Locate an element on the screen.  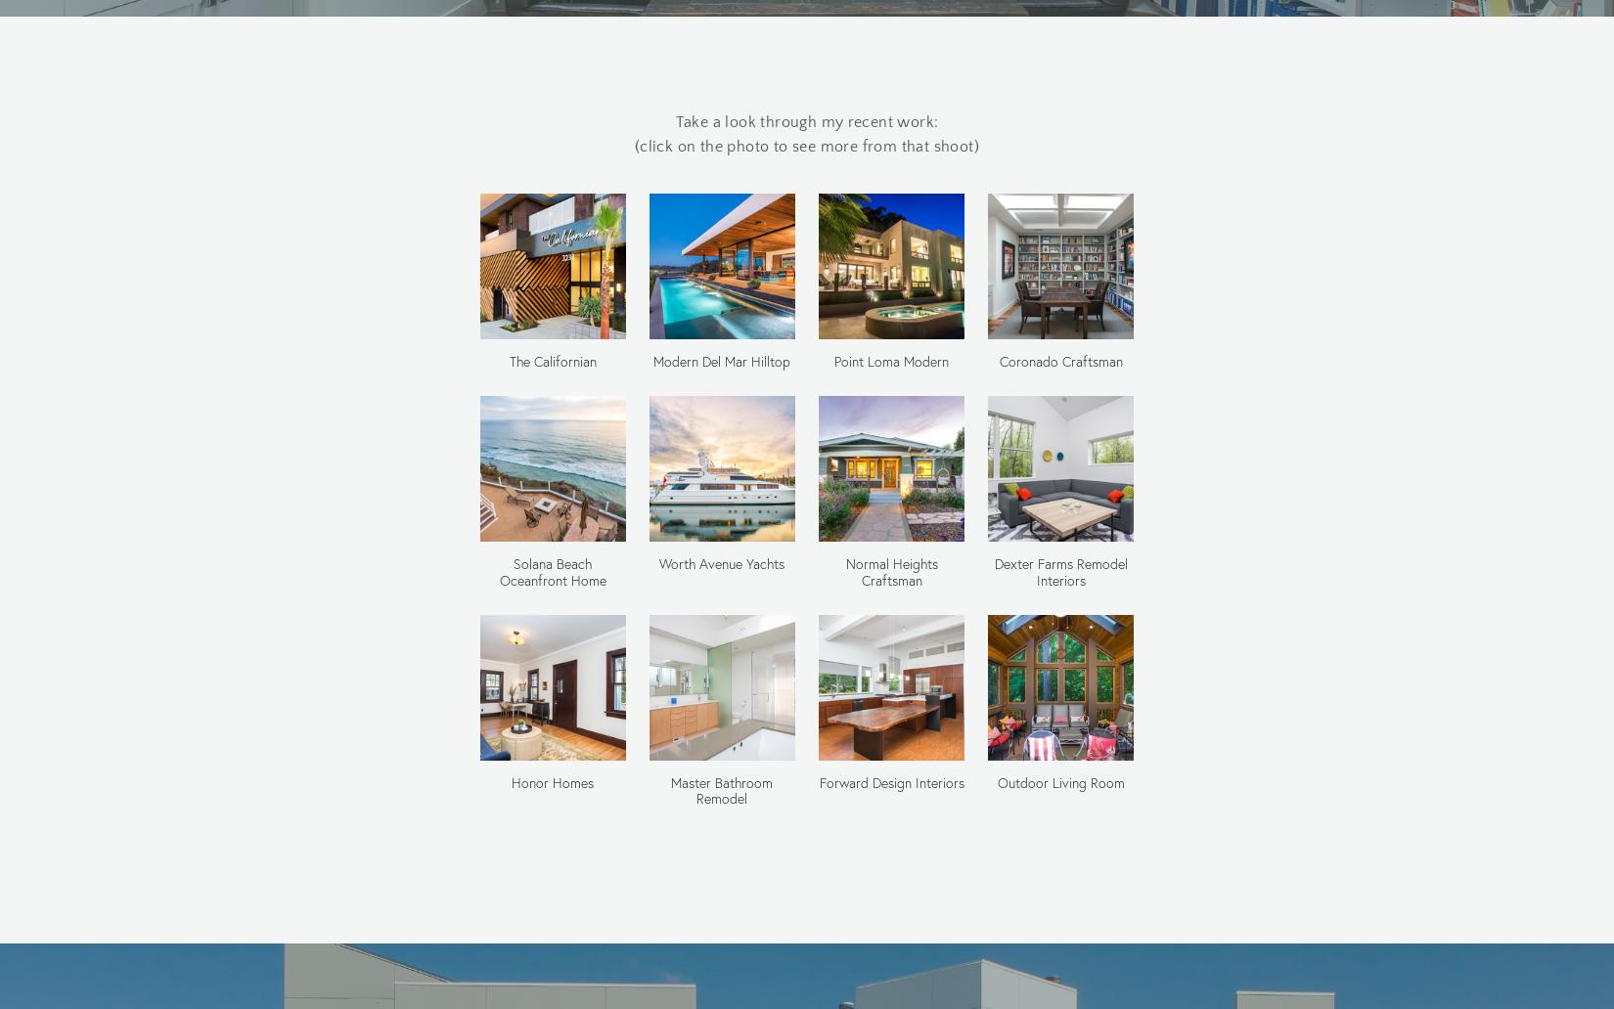
'Take a look through my recent work:' is located at coordinates (805, 121).